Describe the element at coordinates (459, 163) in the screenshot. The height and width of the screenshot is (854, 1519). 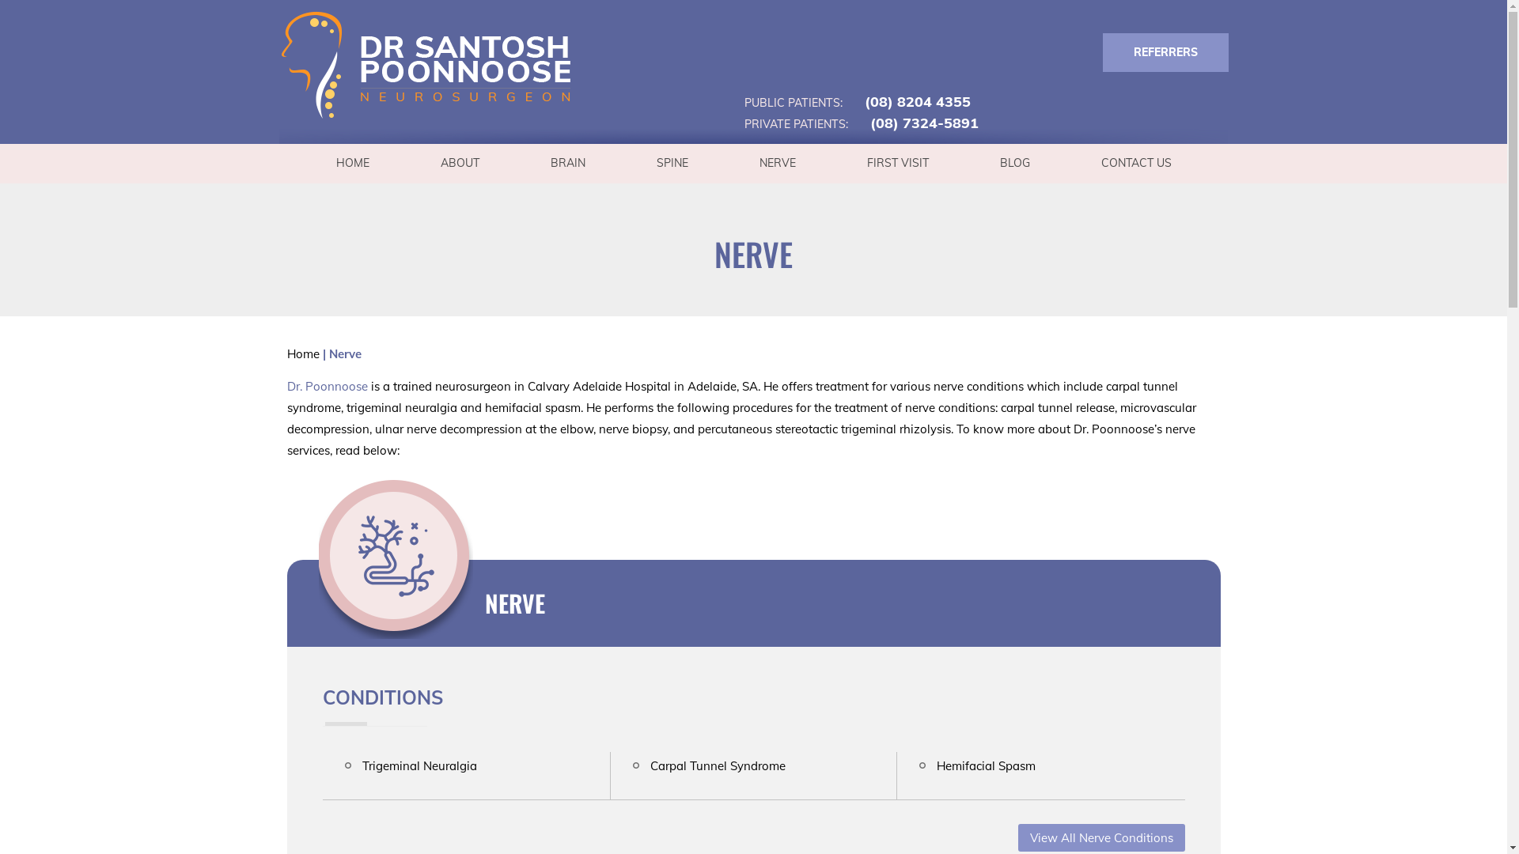
I see `'ABOUT'` at that location.